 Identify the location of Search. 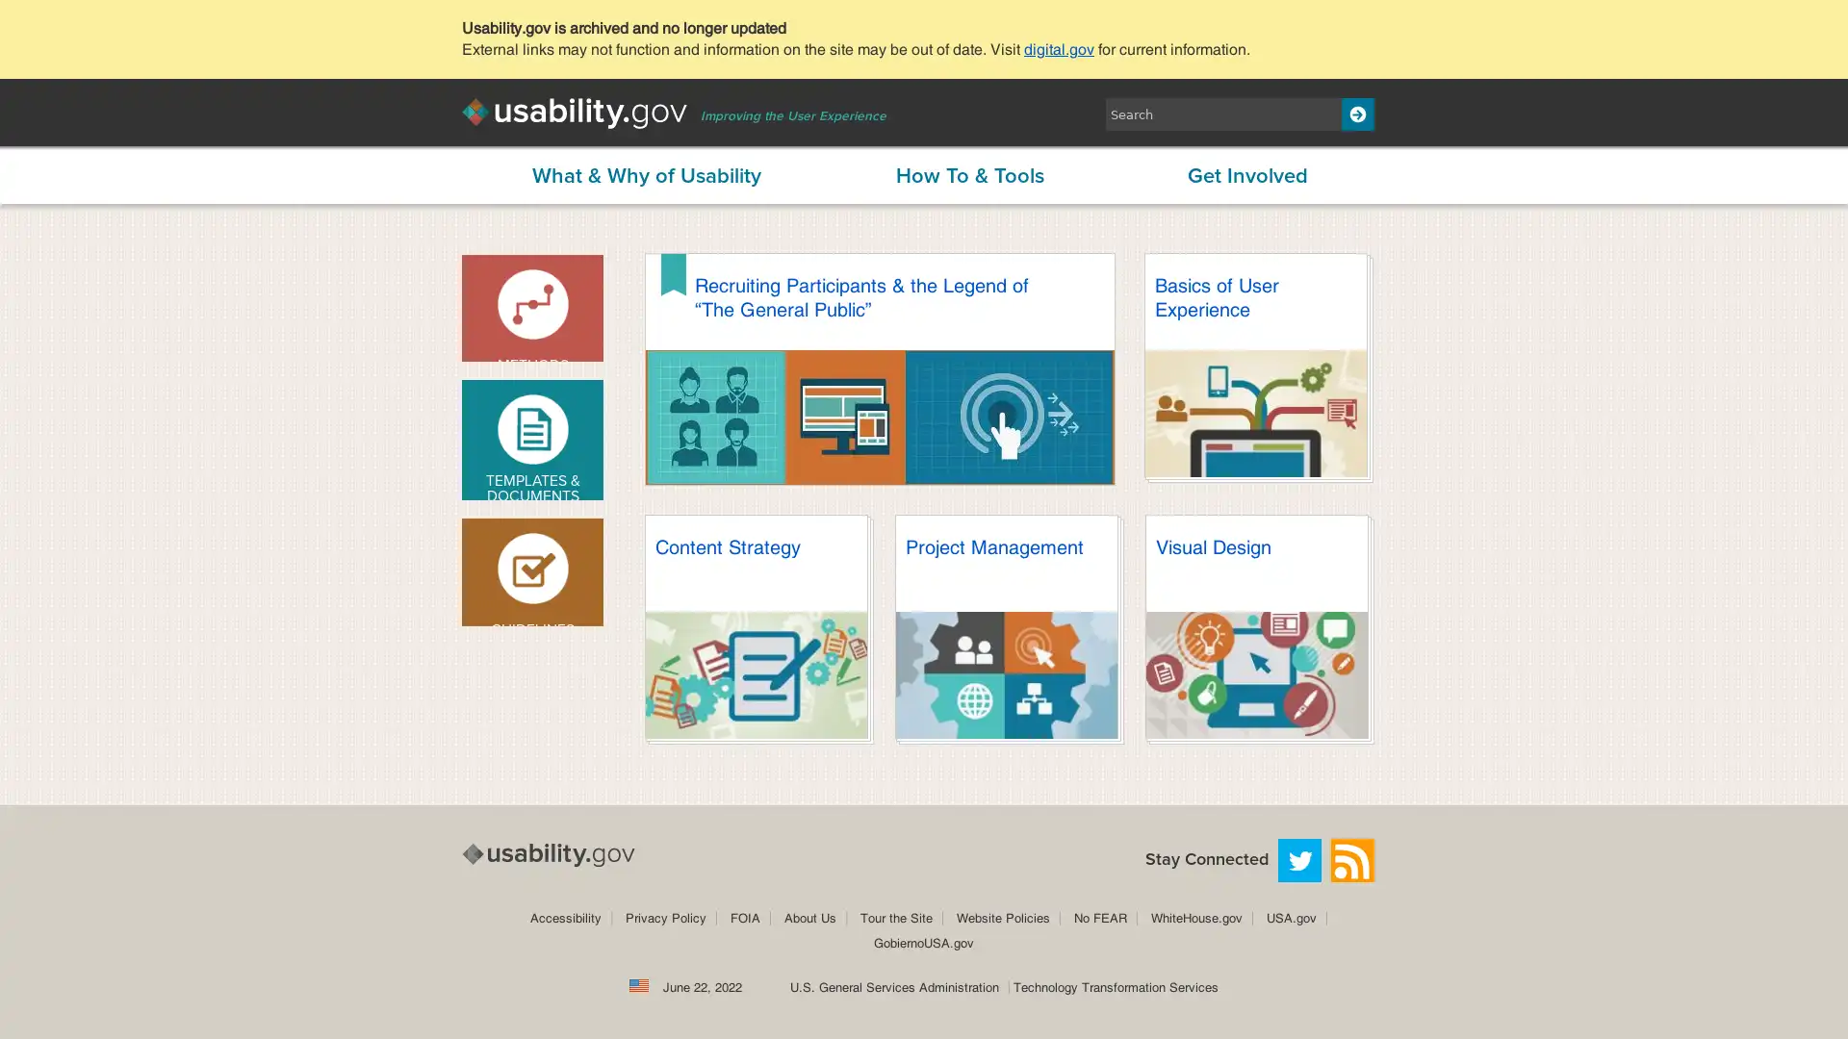
(1357, 114).